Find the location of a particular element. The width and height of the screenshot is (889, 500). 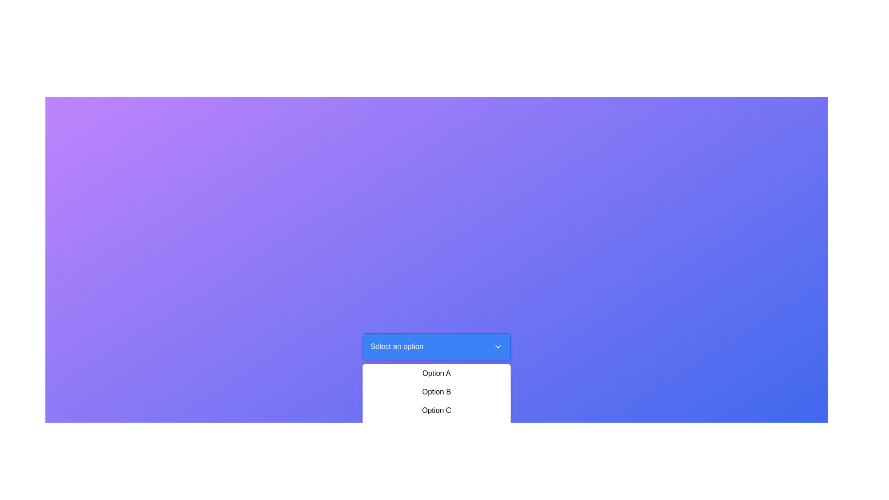

the dropdown menu item labeled 'Option B', which is the second option is located at coordinates (436, 392).